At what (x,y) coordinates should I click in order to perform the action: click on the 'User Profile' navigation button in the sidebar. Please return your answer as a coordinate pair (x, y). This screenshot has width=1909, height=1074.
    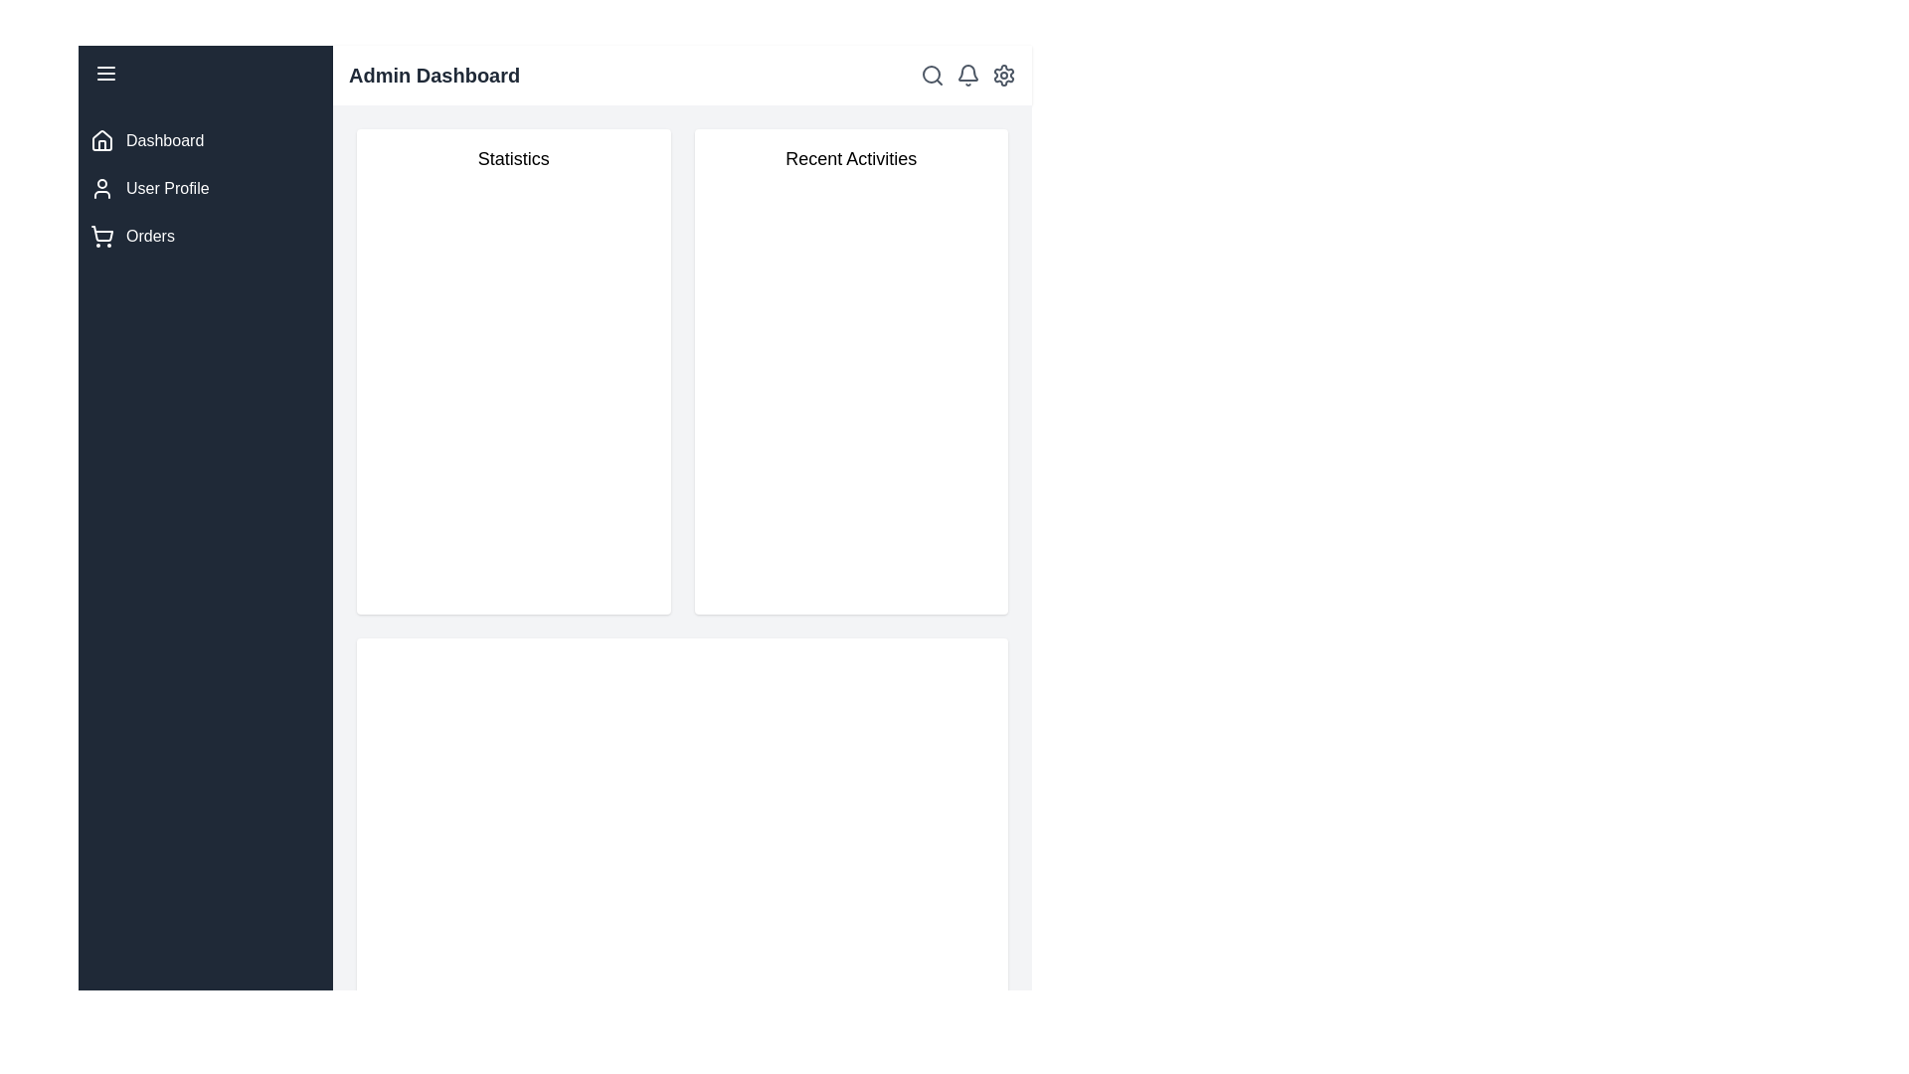
    Looking at the image, I should click on (205, 188).